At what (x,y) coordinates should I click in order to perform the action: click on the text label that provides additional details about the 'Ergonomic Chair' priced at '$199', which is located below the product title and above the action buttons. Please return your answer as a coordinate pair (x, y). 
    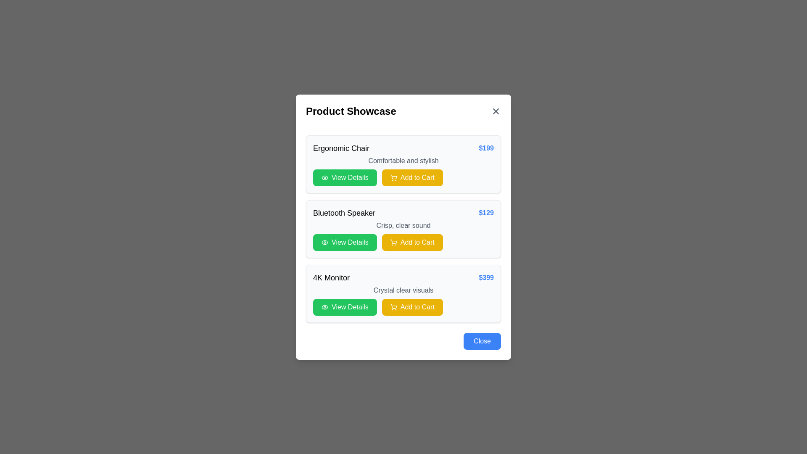
    Looking at the image, I should click on (403, 161).